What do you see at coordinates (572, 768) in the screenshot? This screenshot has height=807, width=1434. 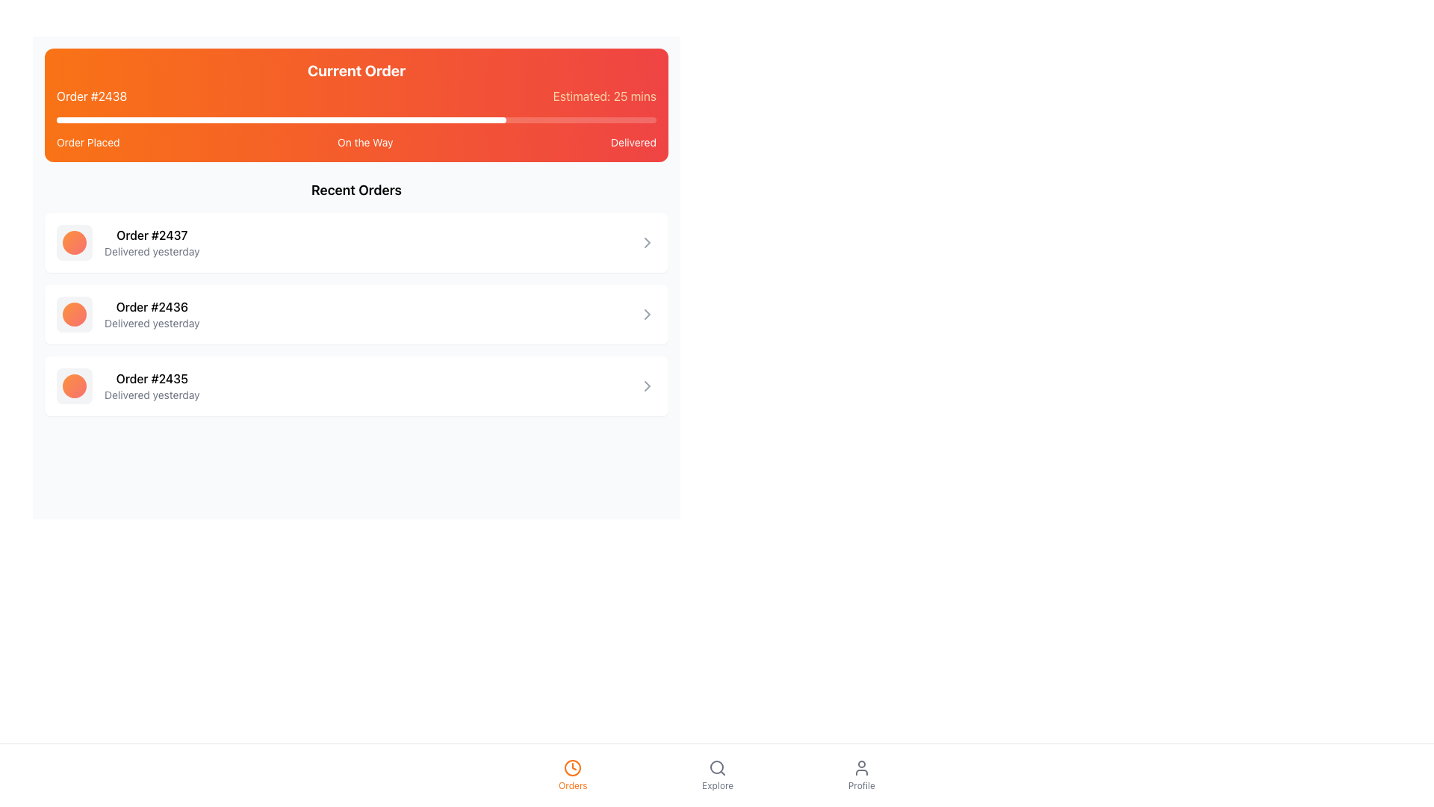 I see `the SVG Circle representing the clock icon in the 'Orders' section of the bottom navigation bar` at bounding box center [572, 768].